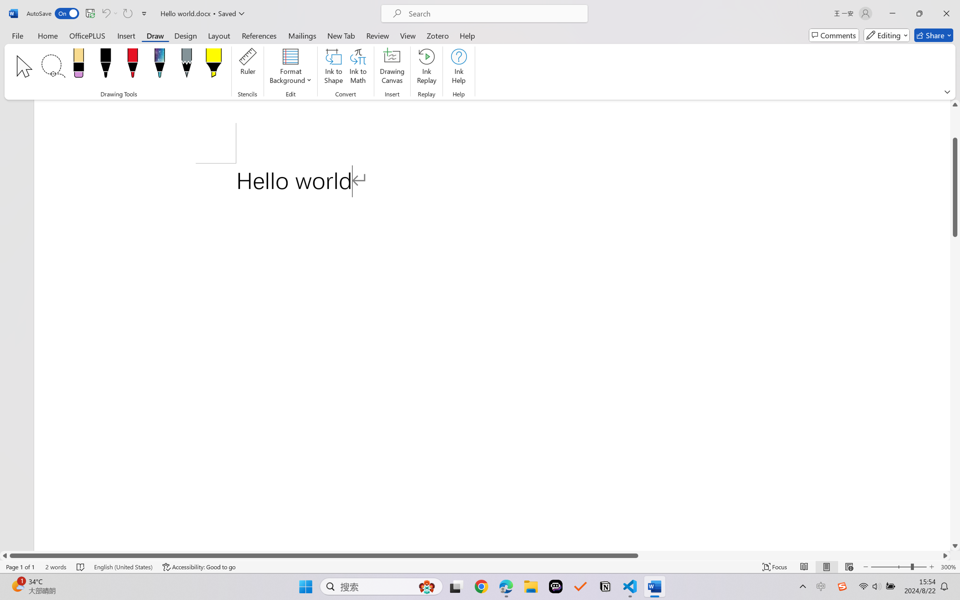 The height and width of the screenshot is (600, 960). Describe the element at coordinates (849, 567) in the screenshot. I see `'Web Layout'` at that location.